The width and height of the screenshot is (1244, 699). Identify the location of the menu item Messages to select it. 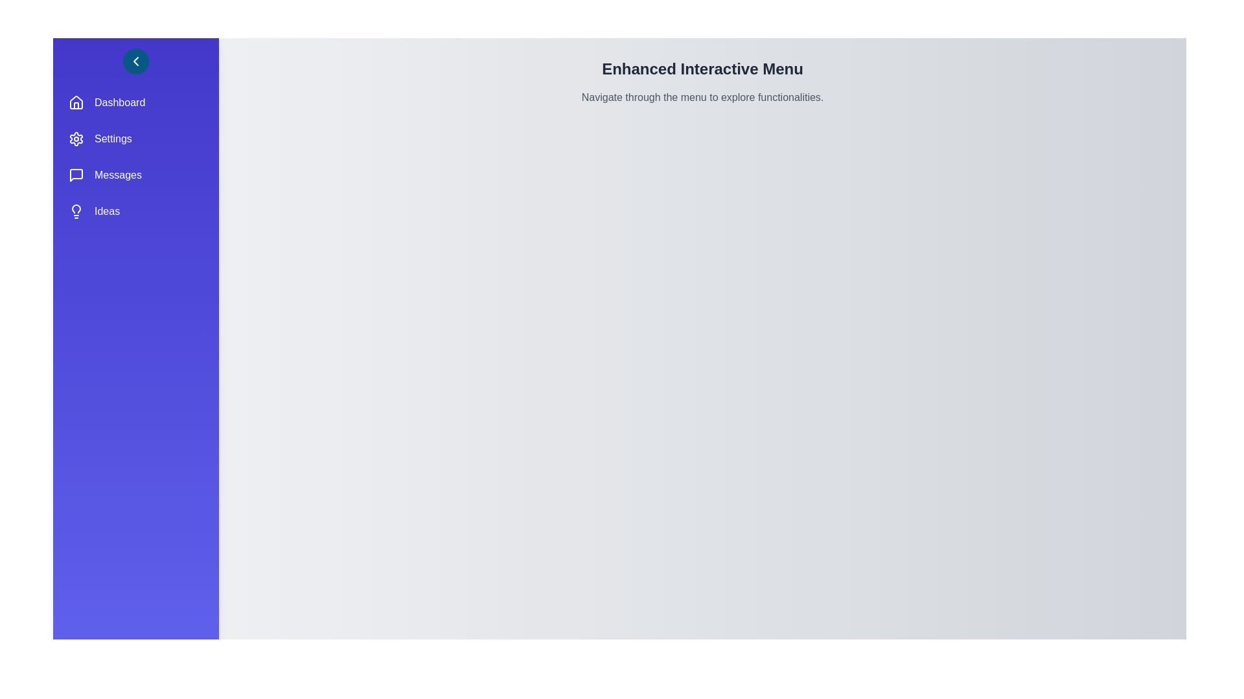
(136, 175).